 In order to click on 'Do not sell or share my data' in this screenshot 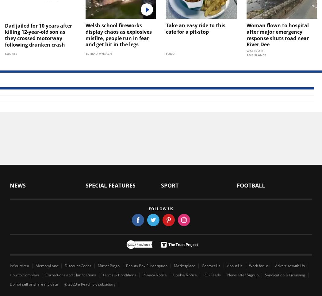, I will do `click(34, 284)`.